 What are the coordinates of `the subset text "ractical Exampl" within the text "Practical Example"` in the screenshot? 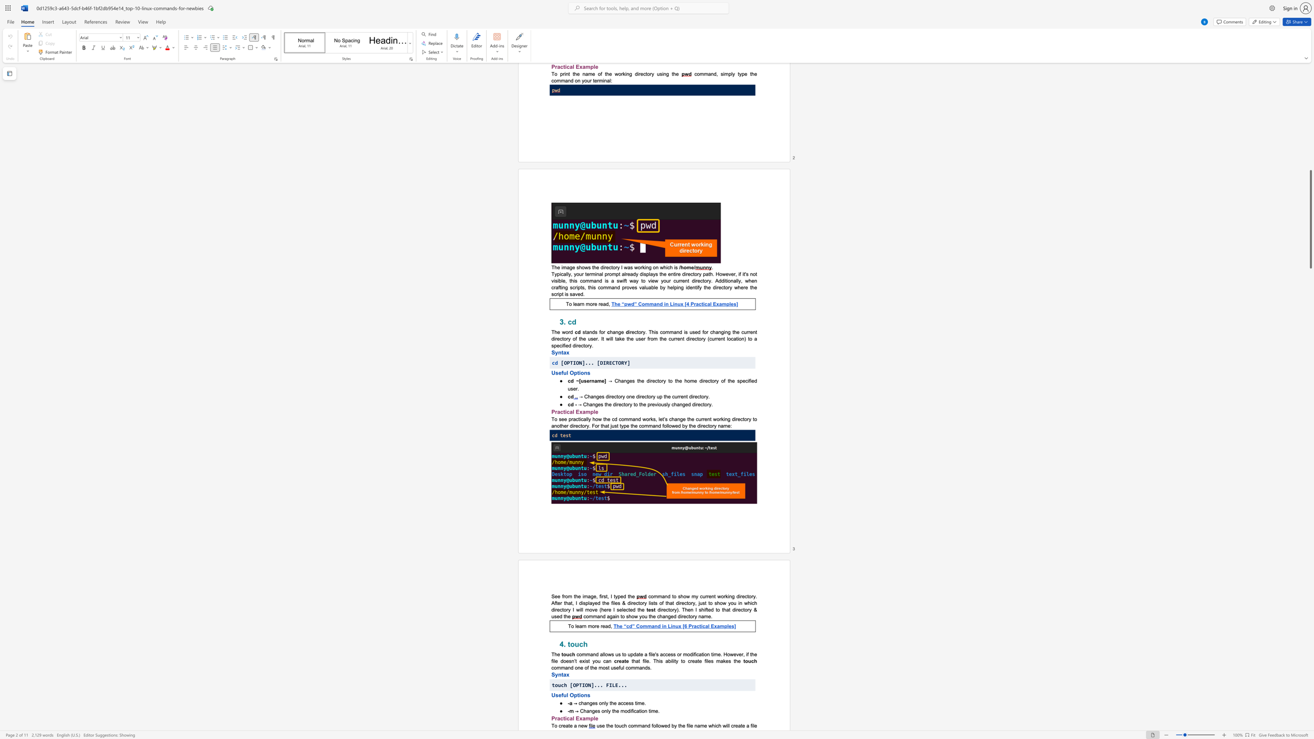 It's located at (555, 718).